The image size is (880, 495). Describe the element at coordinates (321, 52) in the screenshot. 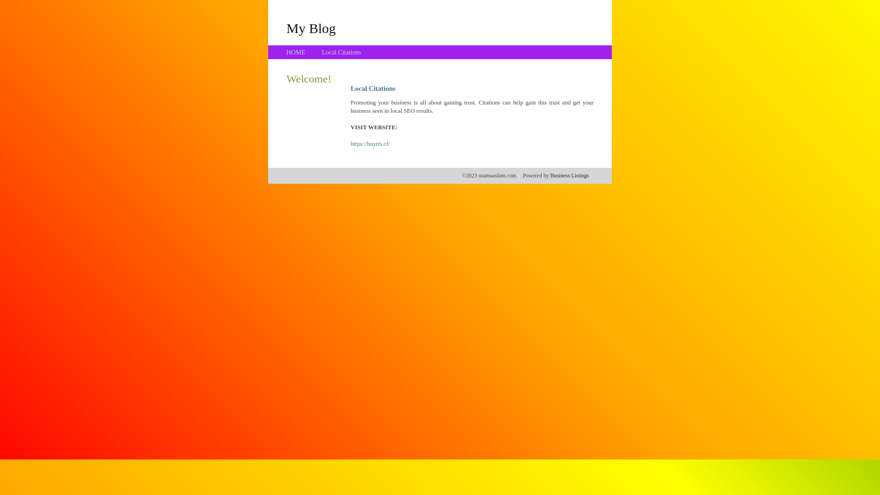

I see `'Local Citations'` at that location.